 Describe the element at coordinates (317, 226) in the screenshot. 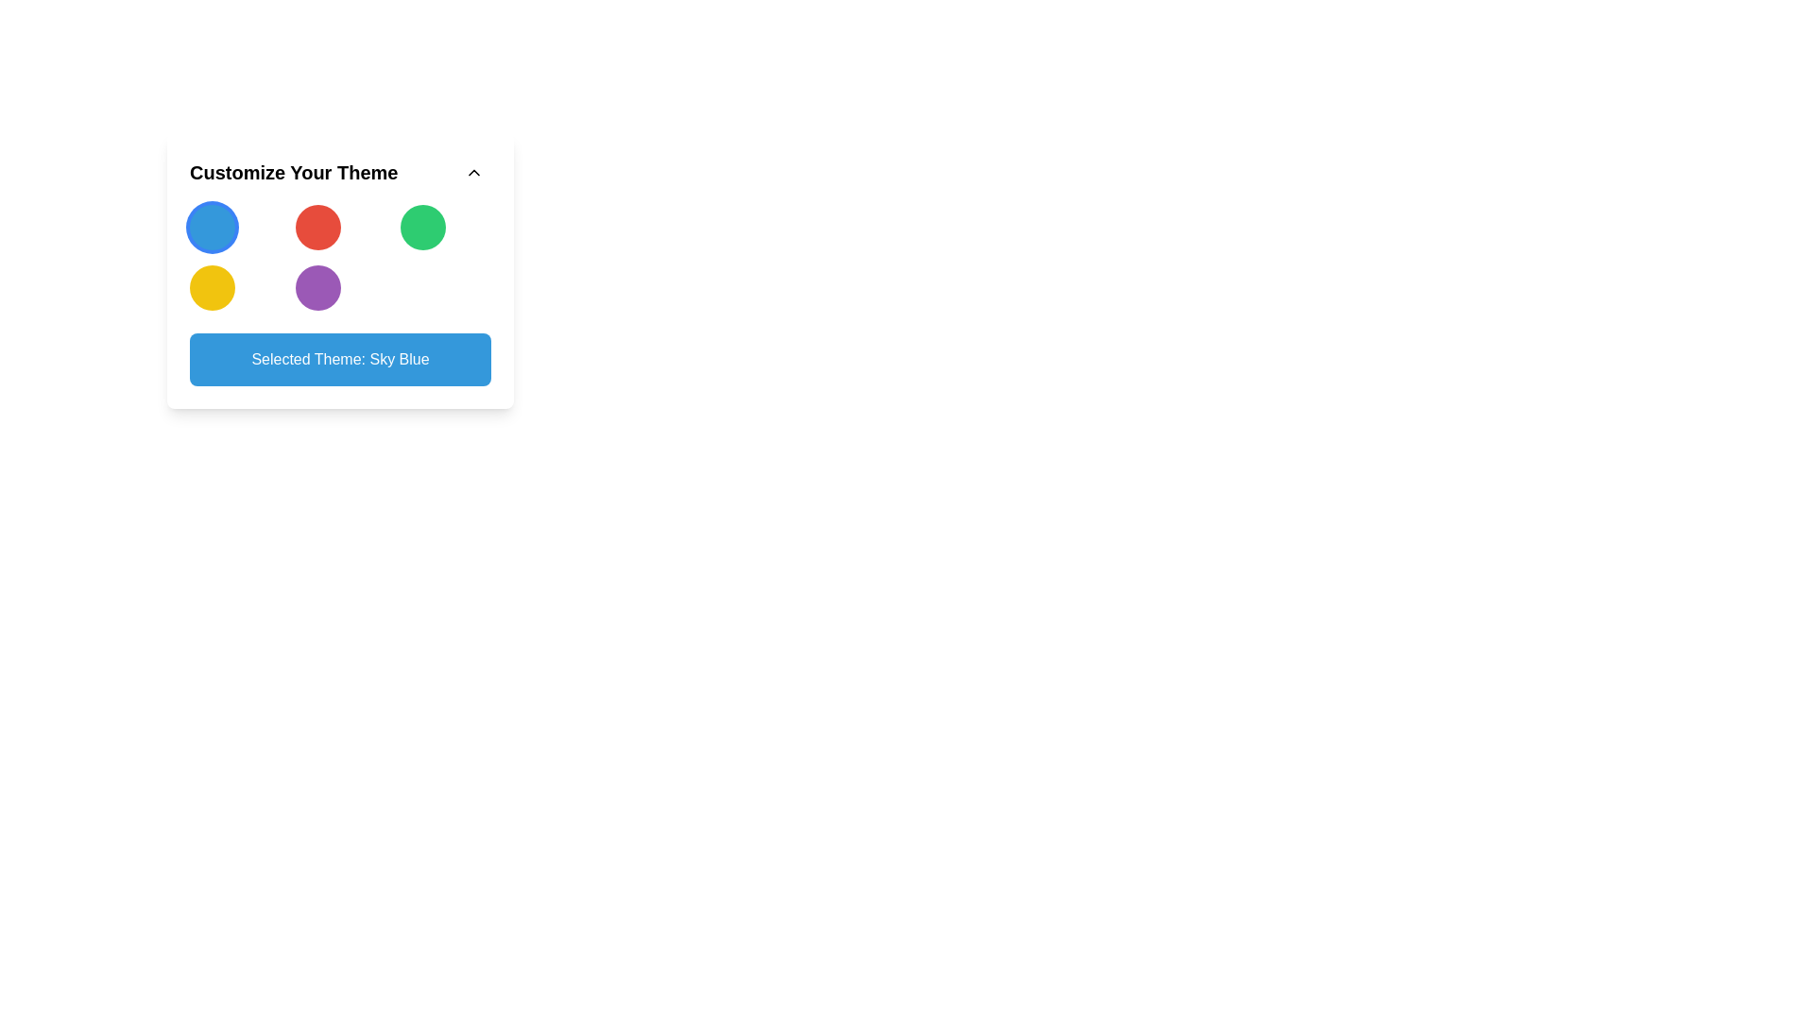

I see `the circular Sunset Red button located in the middle column of the top row in a 3x2 grid` at that location.